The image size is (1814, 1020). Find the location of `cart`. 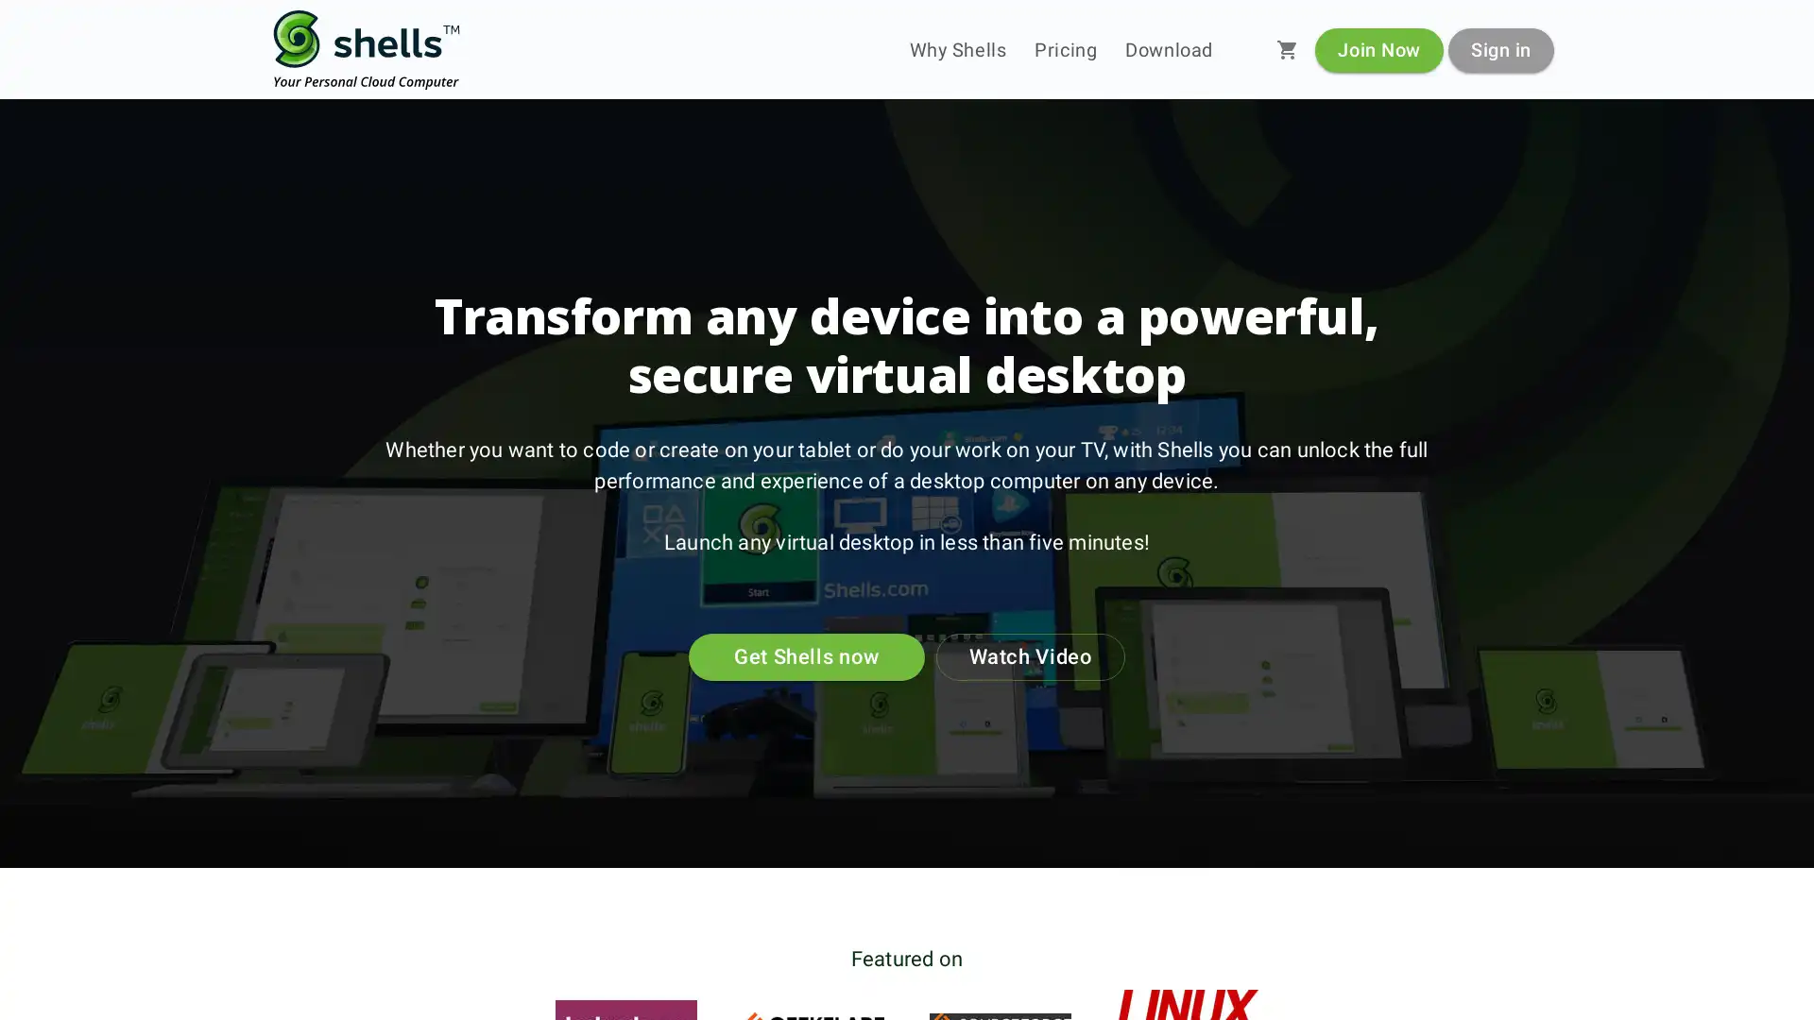

cart is located at coordinates (1287, 49).